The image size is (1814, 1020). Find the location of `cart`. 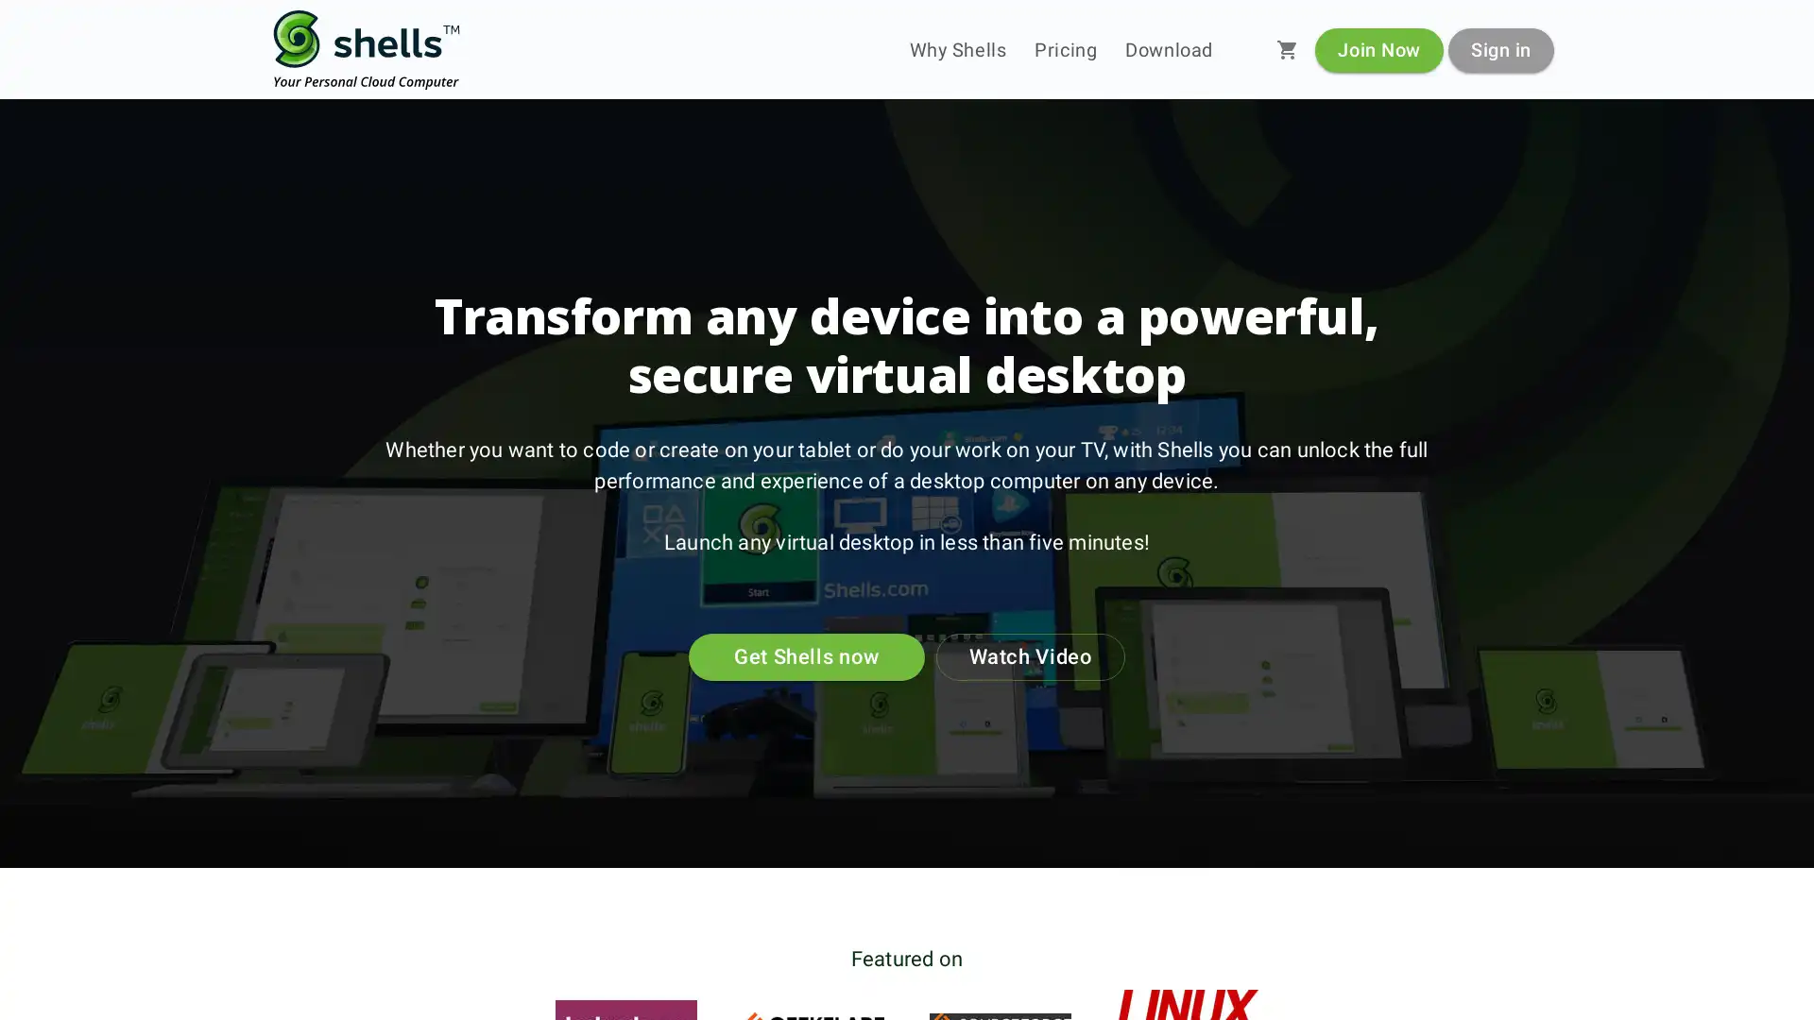

cart is located at coordinates (1287, 49).